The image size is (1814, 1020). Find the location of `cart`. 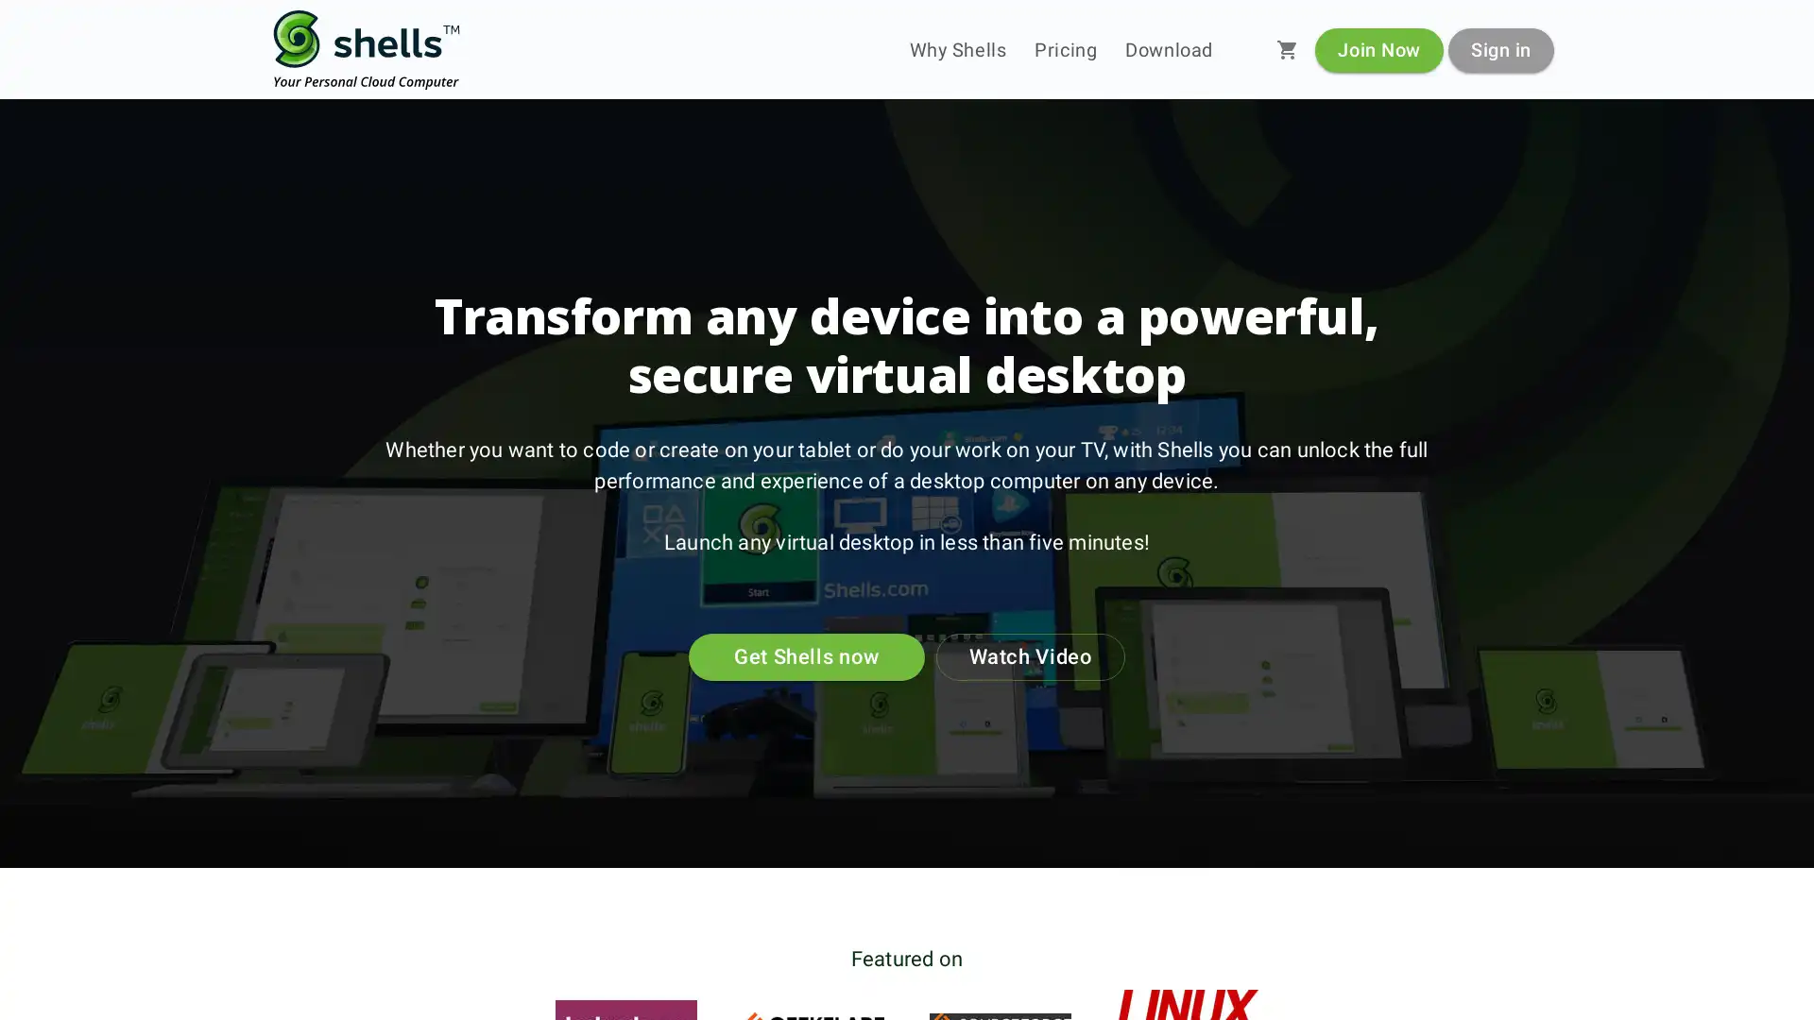

cart is located at coordinates (1287, 49).